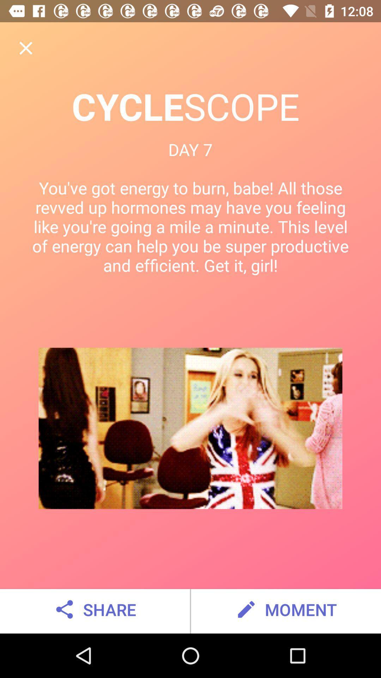  What do you see at coordinates (25, 48) in the screenshot?
I see `item above cyclescope  item` at bounding box center [25, 48].